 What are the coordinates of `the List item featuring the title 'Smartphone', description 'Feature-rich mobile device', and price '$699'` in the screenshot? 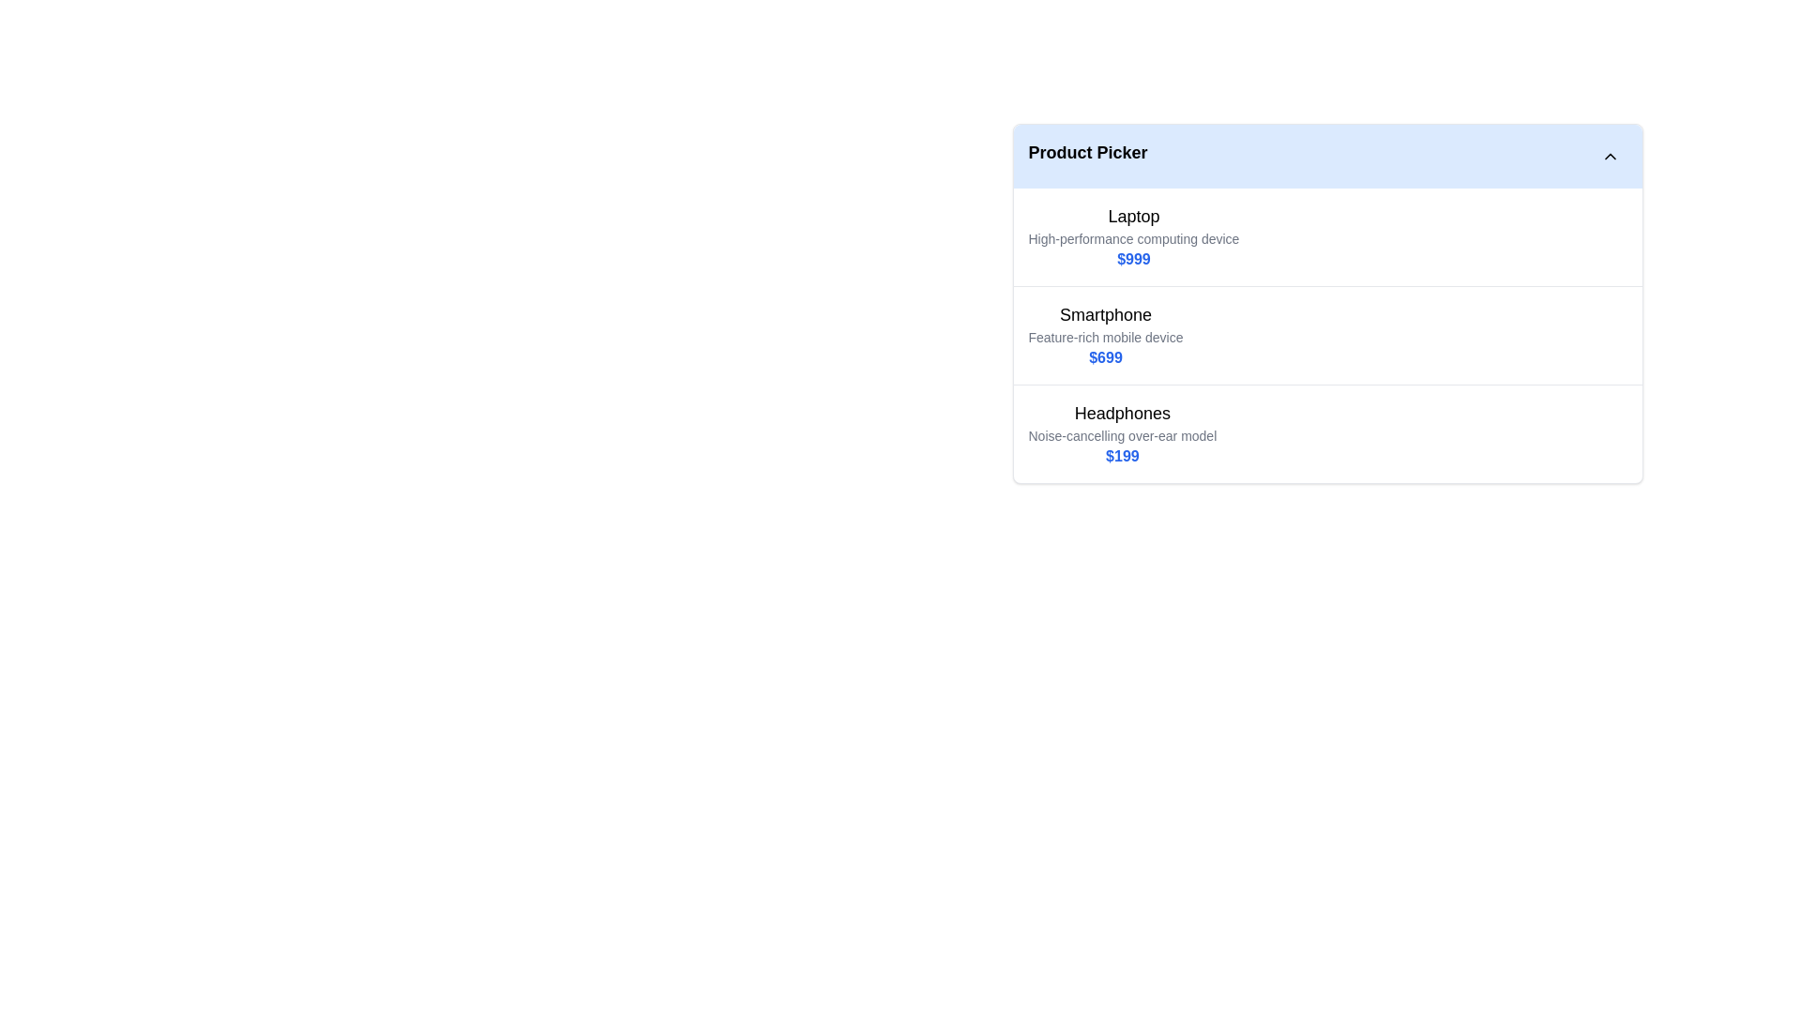 It's located at (1326, 334).